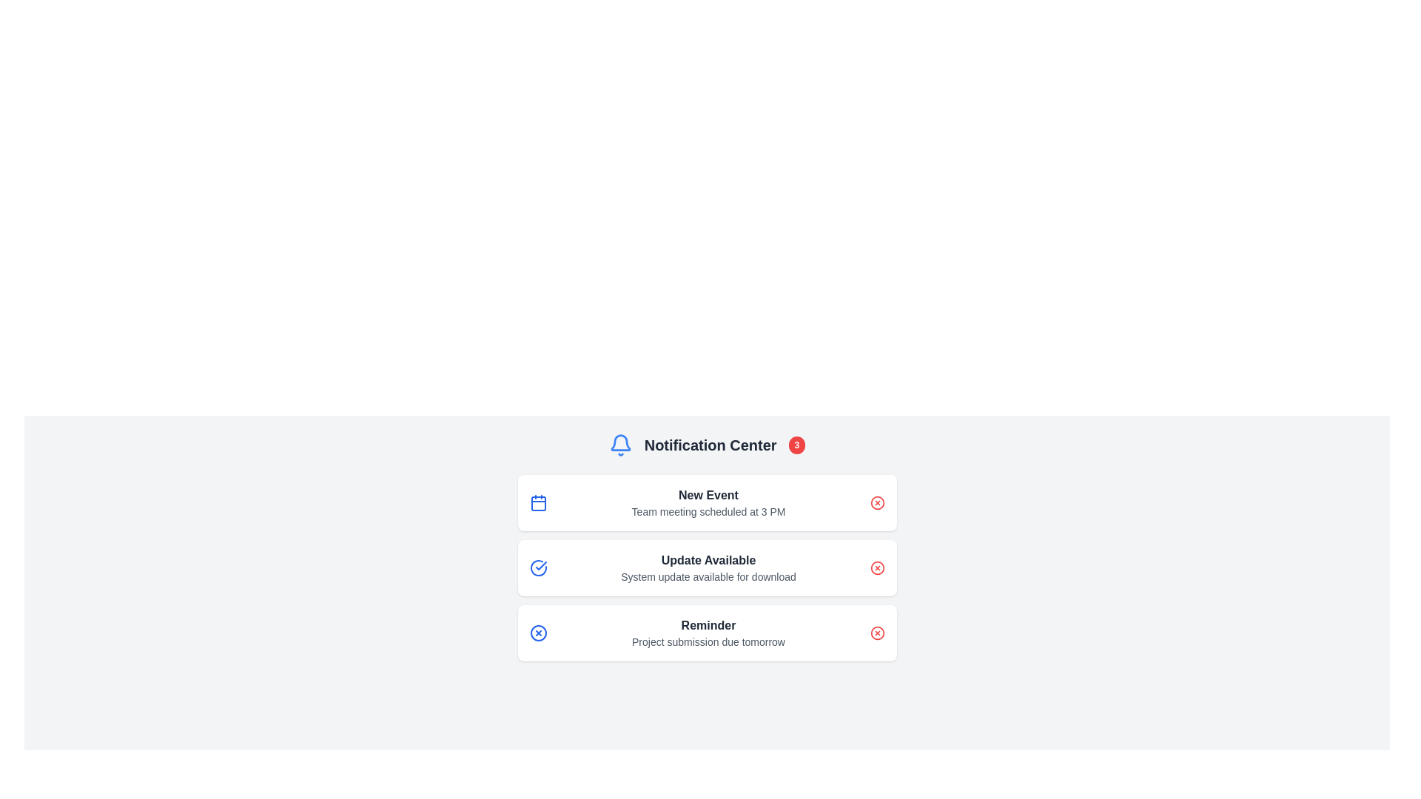  What do you see at coordinates (708, 641) in the screenshot?
I see `the text label that reads 'Project submission due tomorrow', located beneath the 'Reminder' heading in the third notification card` at bounding box center [708, 641].